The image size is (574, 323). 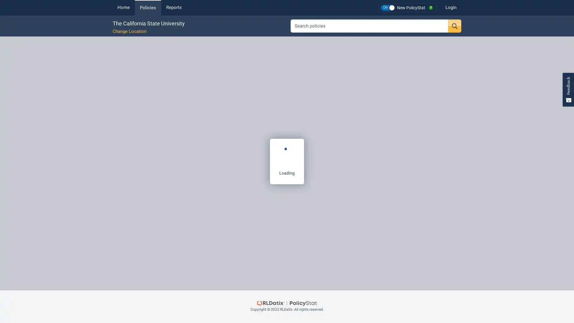 What do you see at coordinates (129, 31) in the screenshot?
I see `Change Location` at bounding box center [129, 31].